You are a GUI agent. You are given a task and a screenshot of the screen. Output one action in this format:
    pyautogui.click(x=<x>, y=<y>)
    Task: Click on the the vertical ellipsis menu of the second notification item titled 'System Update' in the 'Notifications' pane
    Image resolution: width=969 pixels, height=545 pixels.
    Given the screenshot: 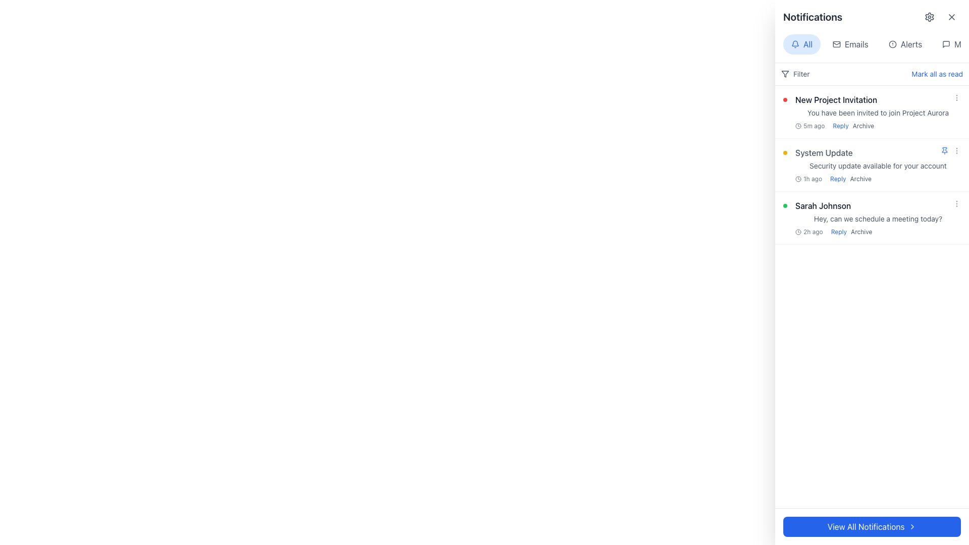 What is the action you would take?
    pyautogui.click(x=950, y=151)
    